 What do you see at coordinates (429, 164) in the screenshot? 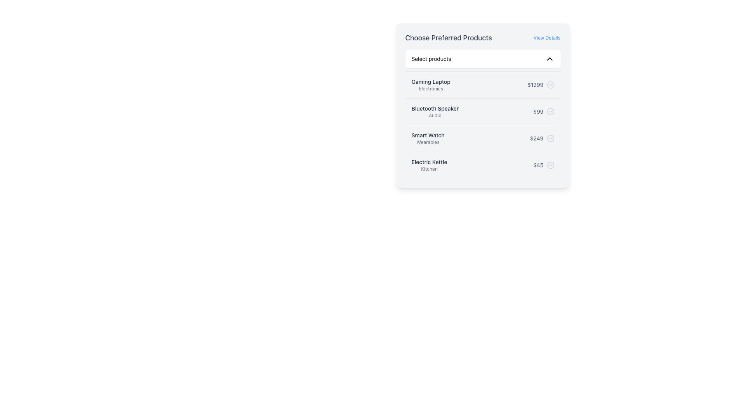
I see `text label displaying 'Electric Kettle' and 'Kitchen' located in the lower part of the 'Choose Preferred Products' card` at bounding box center [429, 164].